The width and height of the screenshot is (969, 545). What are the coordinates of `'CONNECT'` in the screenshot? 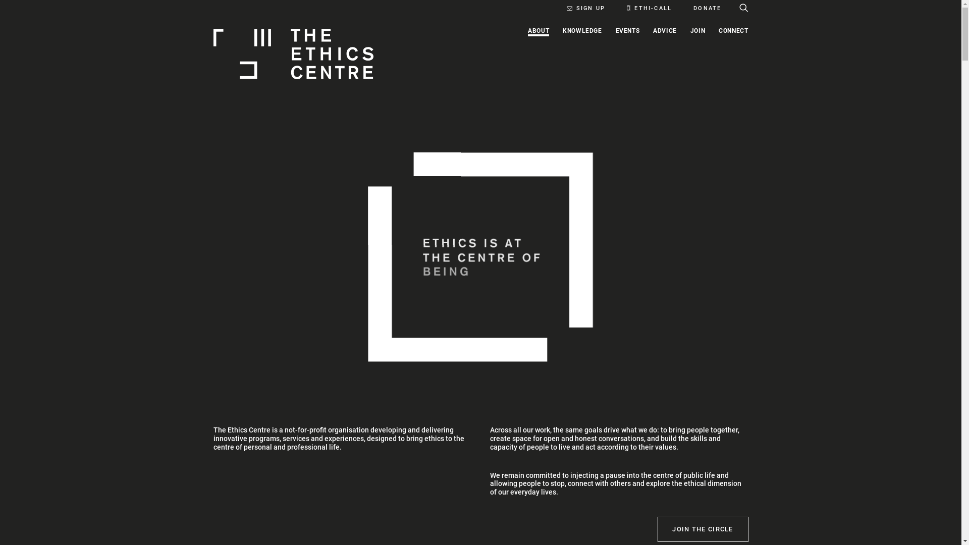 It's located at (731, 54).